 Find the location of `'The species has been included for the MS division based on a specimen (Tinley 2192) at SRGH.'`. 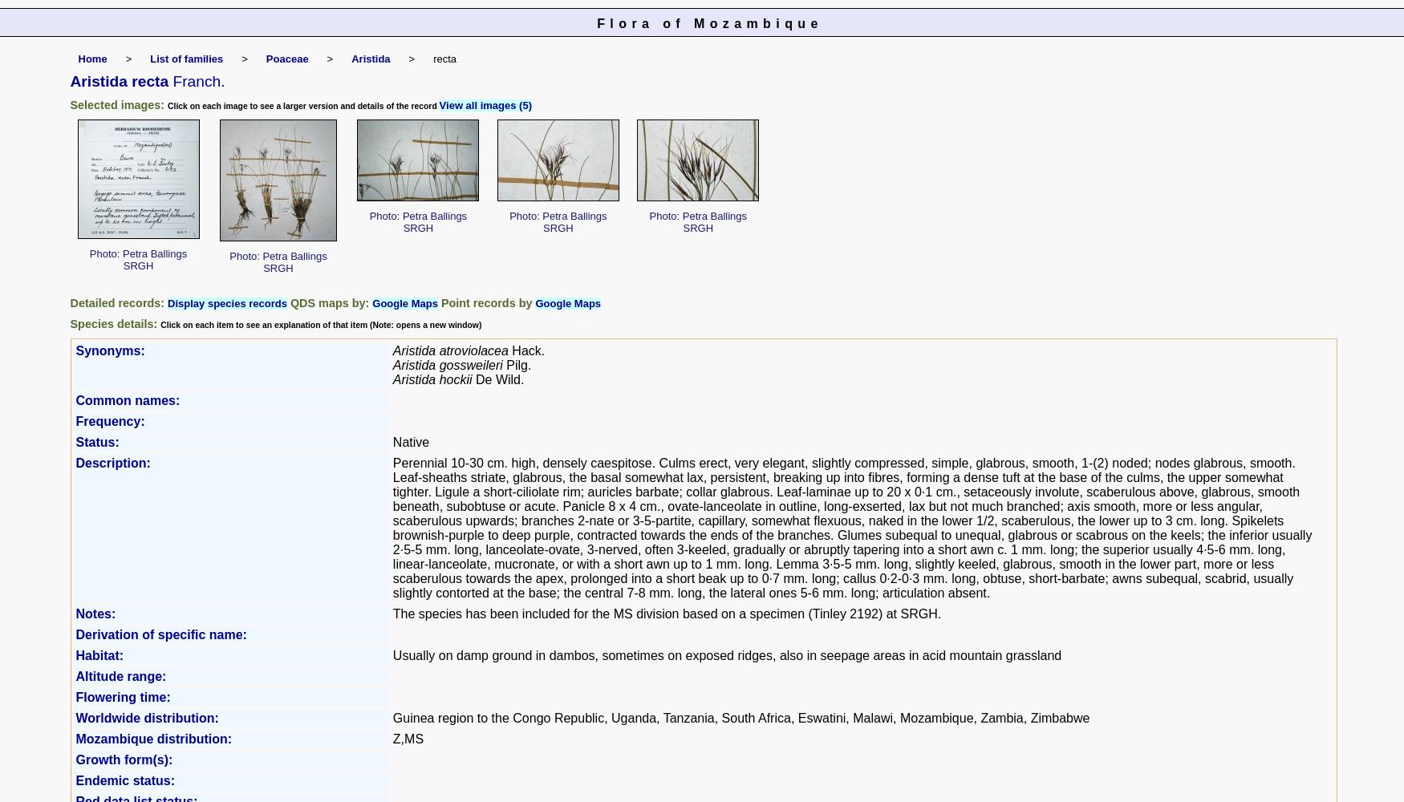

'The species has been included for the MS division based on a specimen (Tinley 2192) at SRGH.' is located at coordinates (667, 614).